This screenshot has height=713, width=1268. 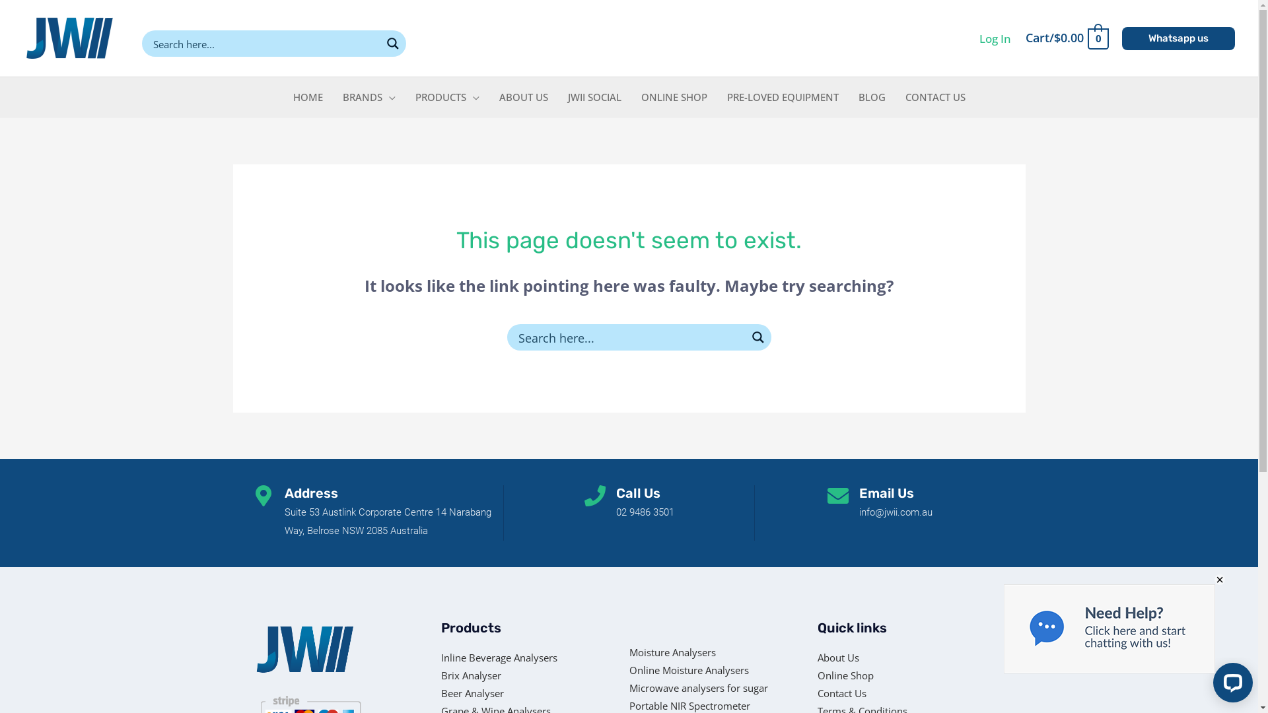 I want to click on 'Moisture Analysers', so click(x=627, y=652).